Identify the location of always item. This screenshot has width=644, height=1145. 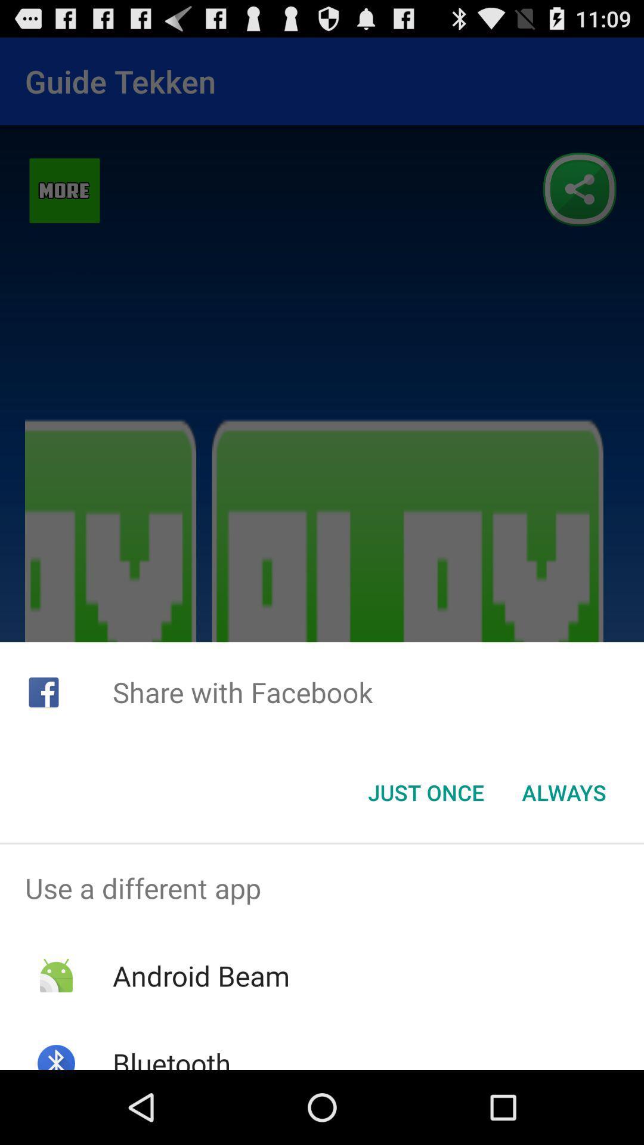
(563, 793).